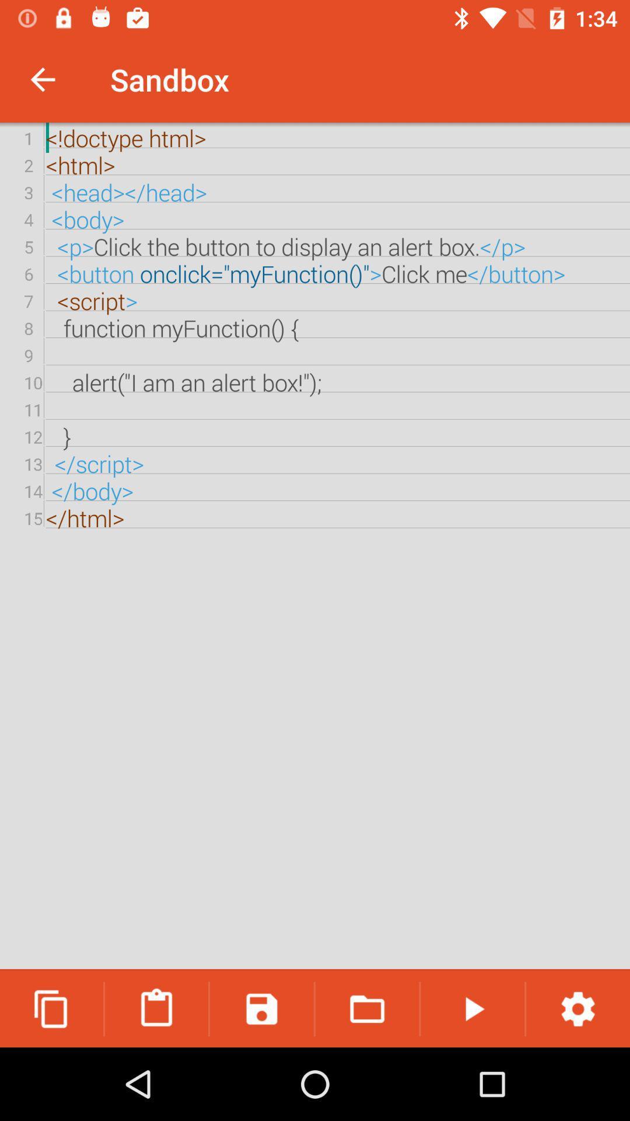  Describe the element at coordinates (42, 79) in the screenshot. I see `icon above the doctype html html icon` at that location.